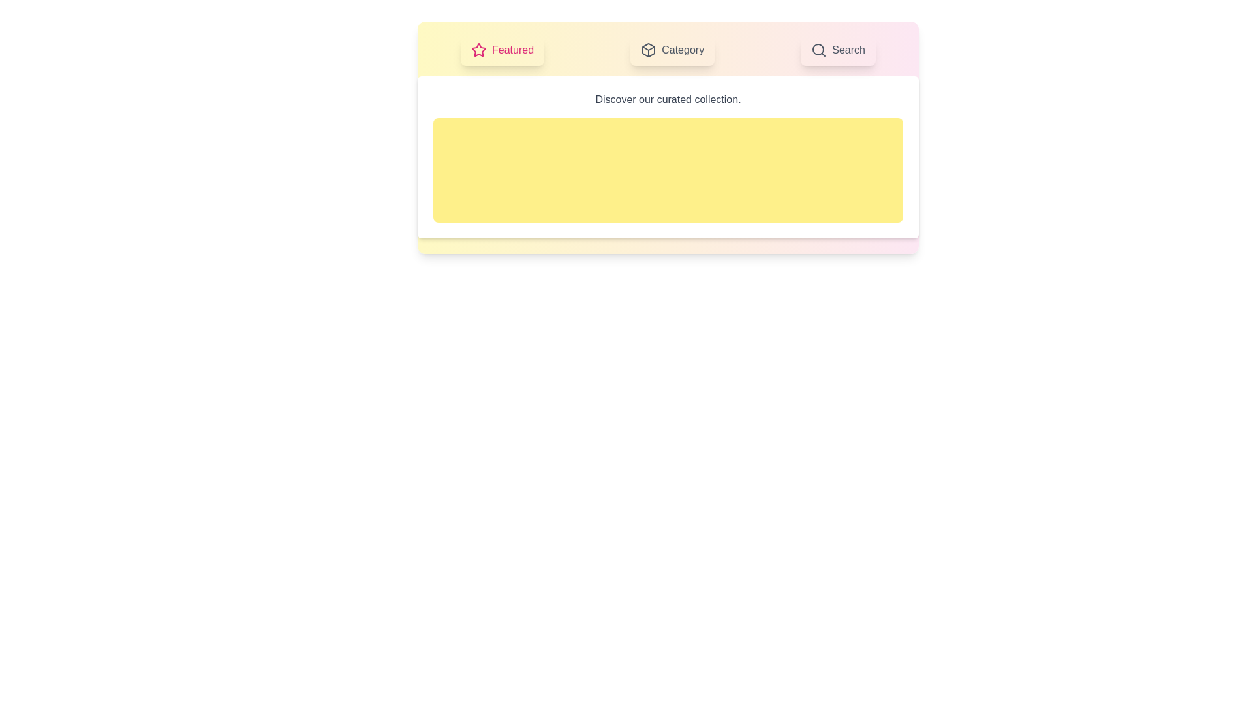  Describe the element at coordinates (672, 50) in the screenshot. I see `the tab labeled Category` at that location.